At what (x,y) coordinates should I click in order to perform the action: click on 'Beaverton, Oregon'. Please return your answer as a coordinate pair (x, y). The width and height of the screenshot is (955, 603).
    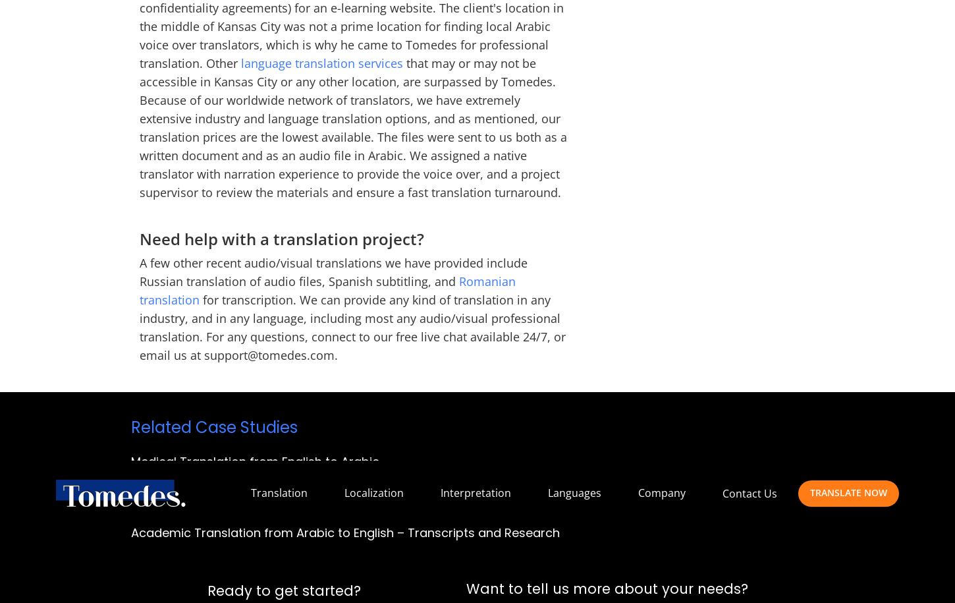
    Looking at the image, I should click on (392, 34).